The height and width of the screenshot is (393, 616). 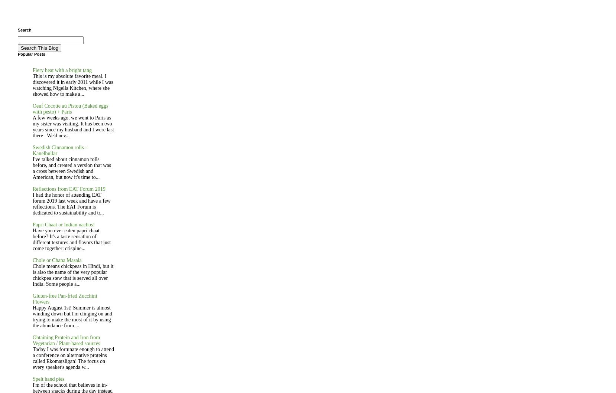 What do you see at coordinates (60, 150) in the screenshot?
I see `'Swedish Cinnamon rolls -- Kanelbullar'` at bounding box center [60, 150].